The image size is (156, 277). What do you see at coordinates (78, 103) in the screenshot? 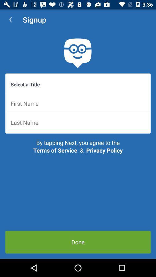
I see `first name` at bounding box center [78, 103].